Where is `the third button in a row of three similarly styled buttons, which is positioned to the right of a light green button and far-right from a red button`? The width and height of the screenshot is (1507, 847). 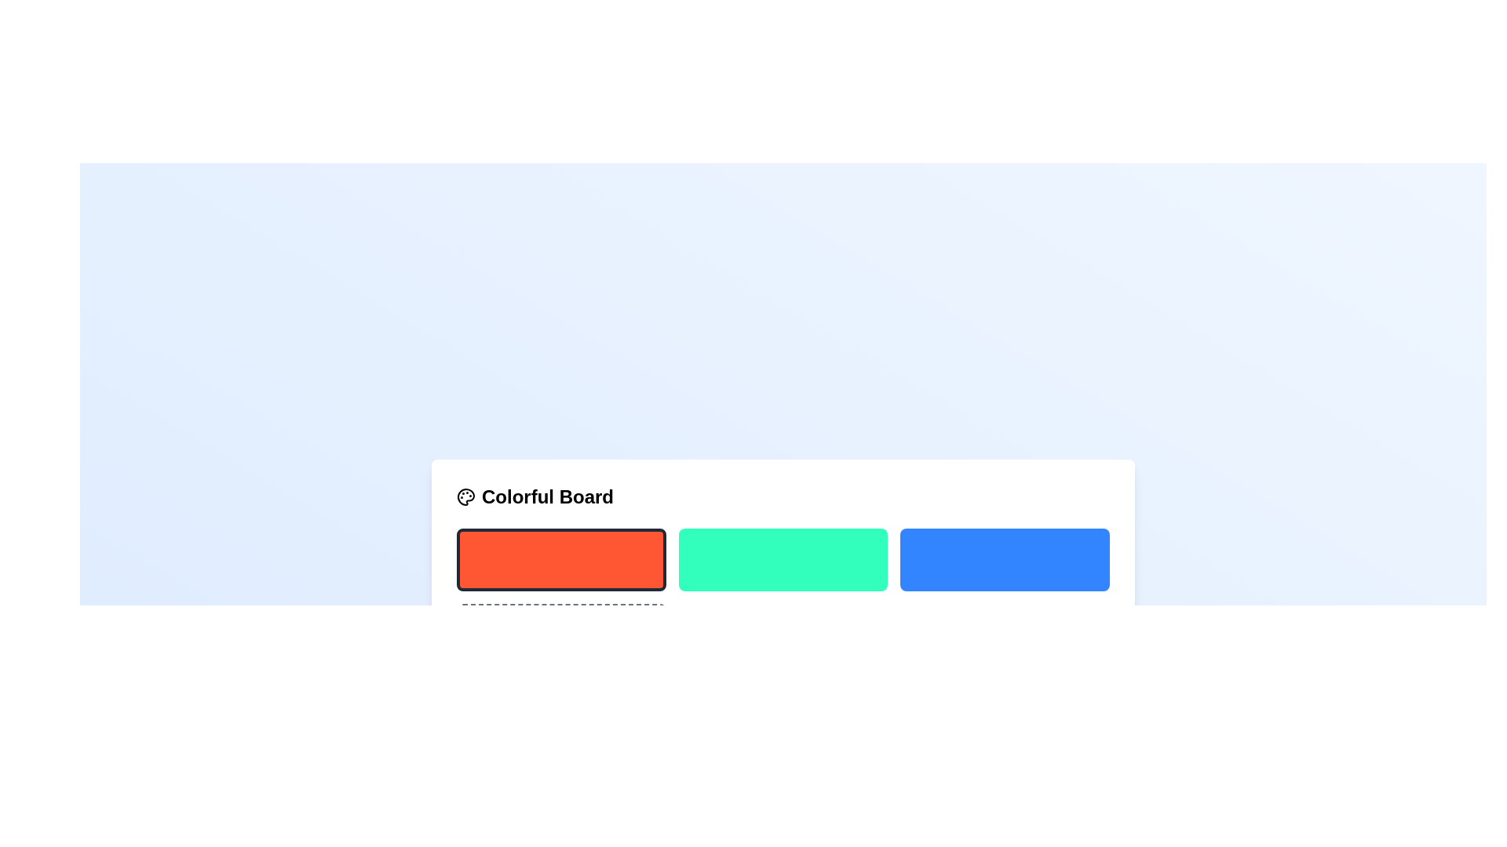
the third button in a row of three similarly styled buttons, which is positioned to the right of a light green button and far-right from a red button is located at coordinates (1005, 558).